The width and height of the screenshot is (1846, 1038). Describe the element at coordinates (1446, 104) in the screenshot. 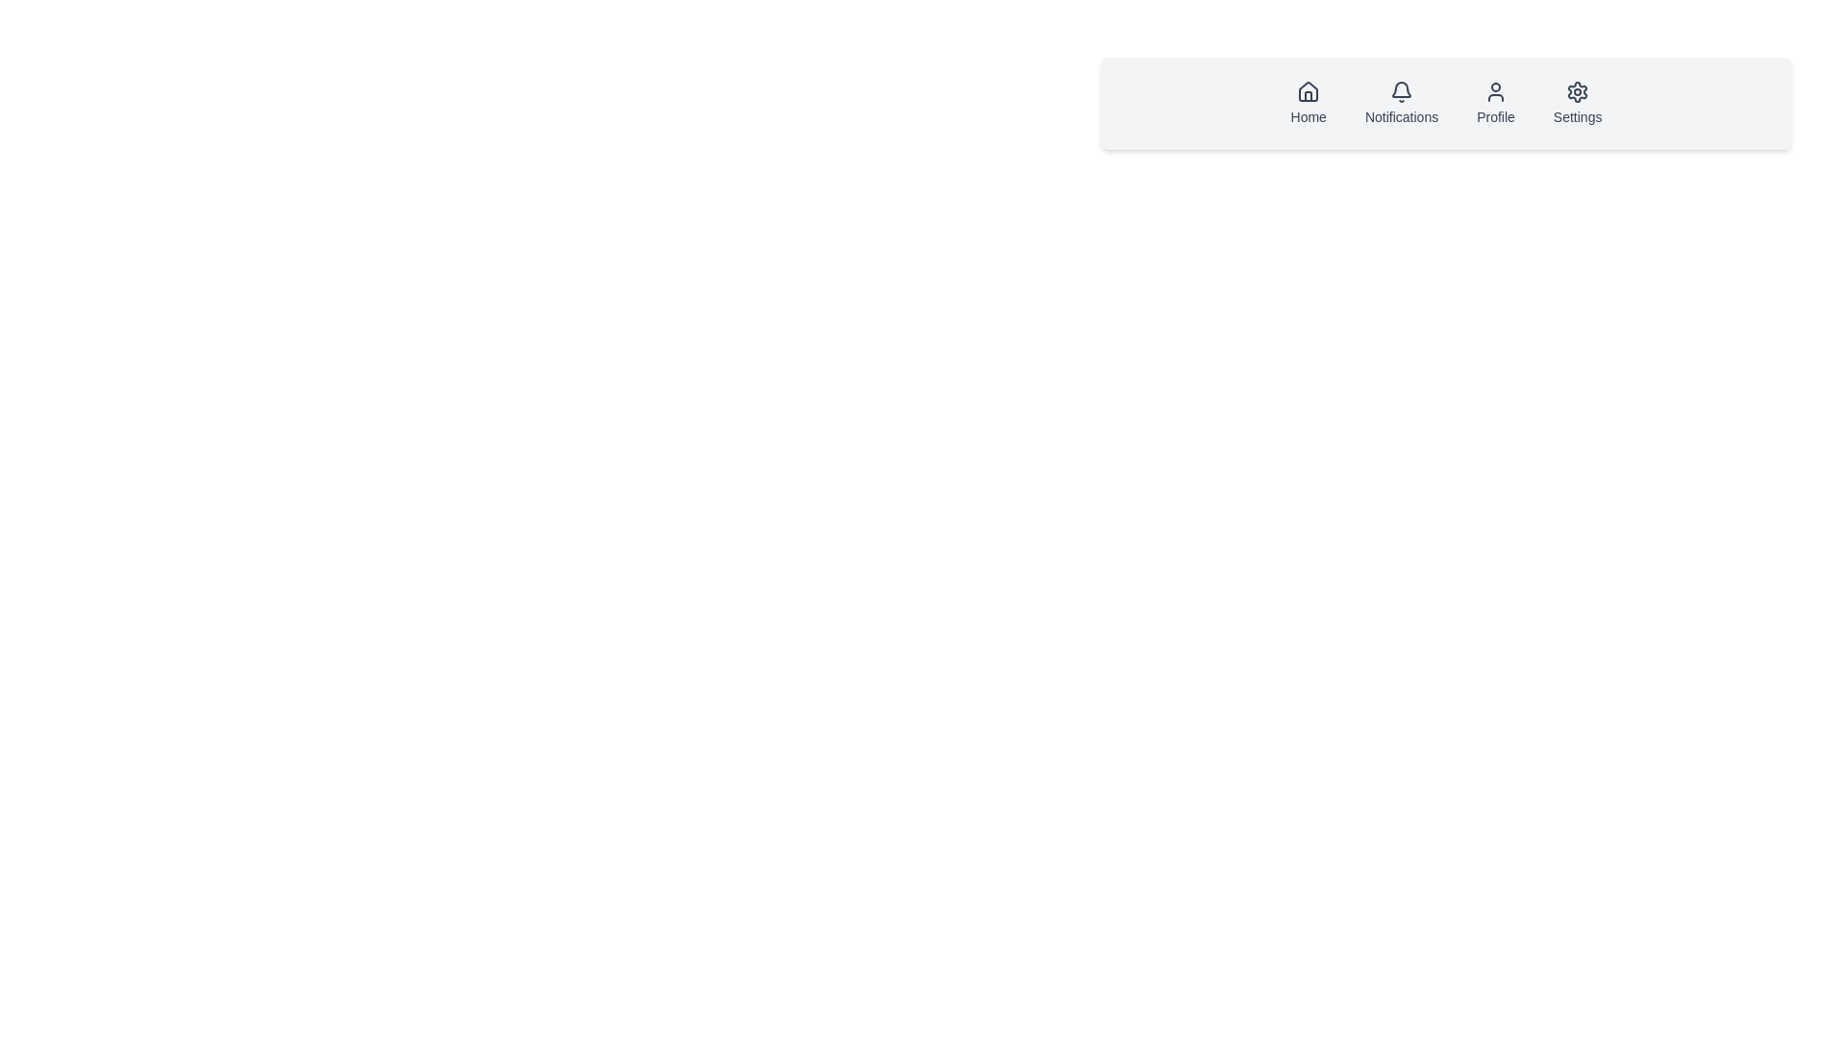

I see `the 'Notifications' button located in the Navigation bar at the top of the interface` at that location.